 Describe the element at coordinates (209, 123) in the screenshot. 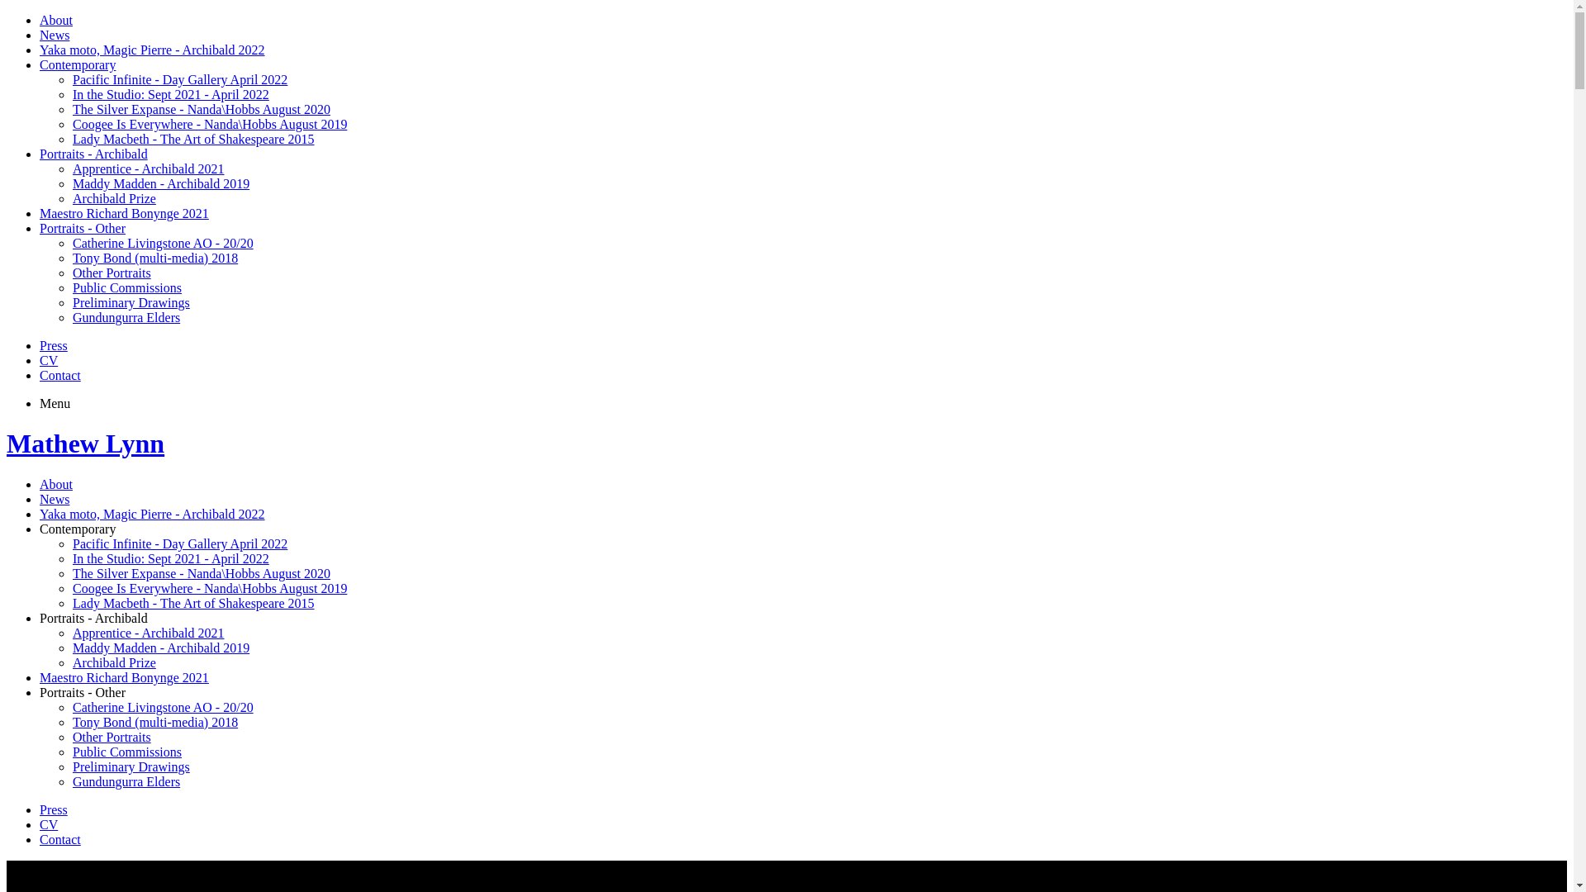

I see `'Coogee Is Everywhere - Nanda\Hobbs August 2019'` at that location.